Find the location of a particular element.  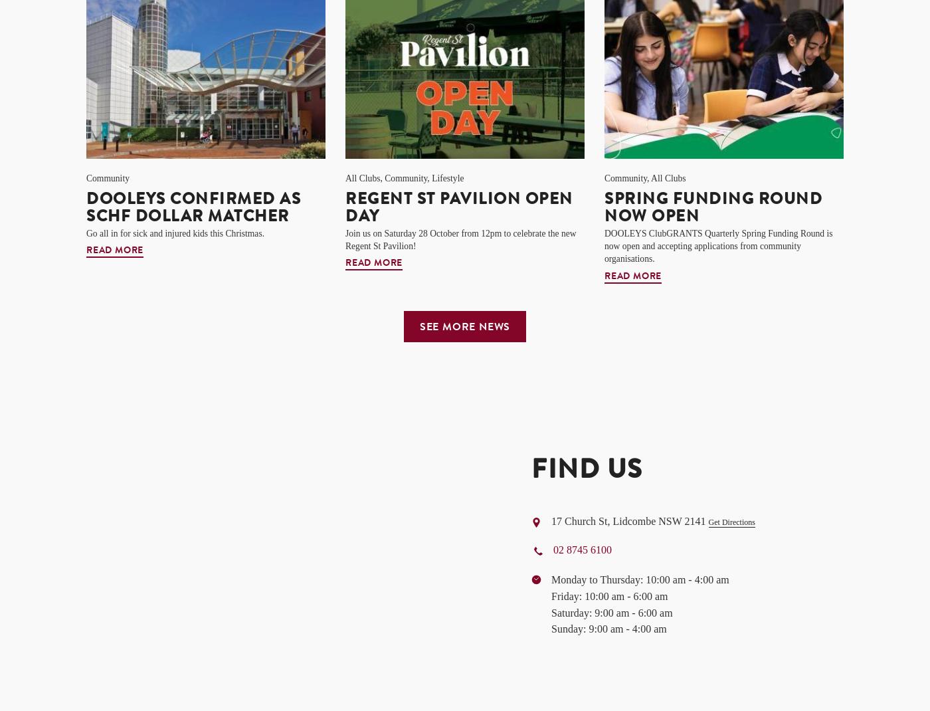

'Monday to Thursday:' is located at coordinates (599, 579).